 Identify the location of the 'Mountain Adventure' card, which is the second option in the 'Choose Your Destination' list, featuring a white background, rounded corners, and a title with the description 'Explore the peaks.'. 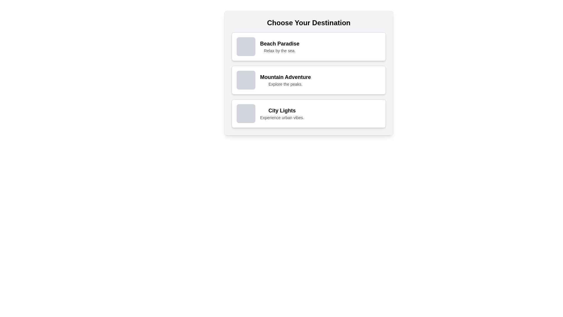
(308, 73).